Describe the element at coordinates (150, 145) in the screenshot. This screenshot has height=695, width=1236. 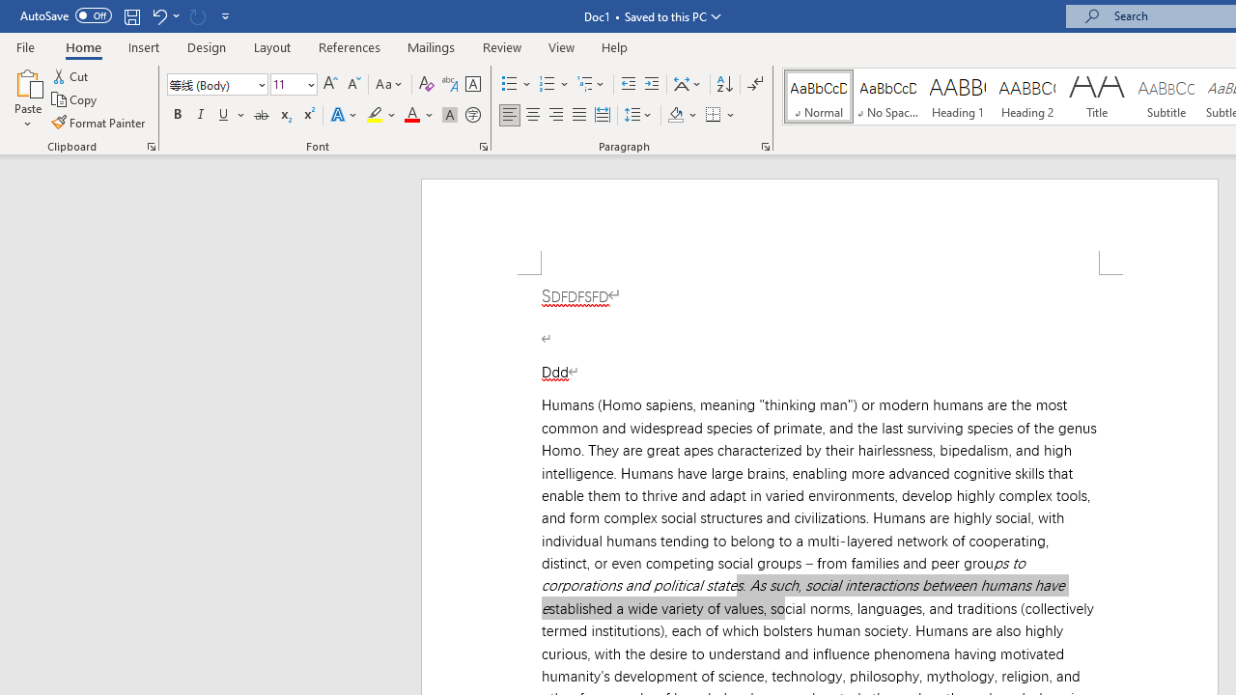
I see `'Office Clipboard...'` at that location.